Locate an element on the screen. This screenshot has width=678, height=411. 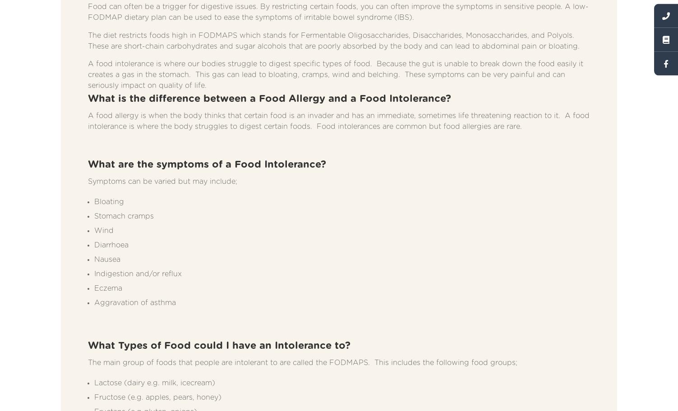
'Symptoms can be varied but may include;' is located at coordinates (162, 182).